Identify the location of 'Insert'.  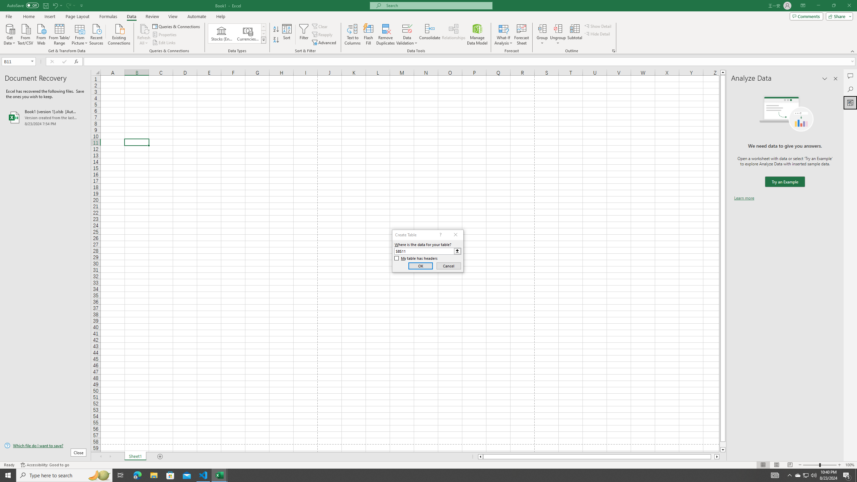
(49, 16).